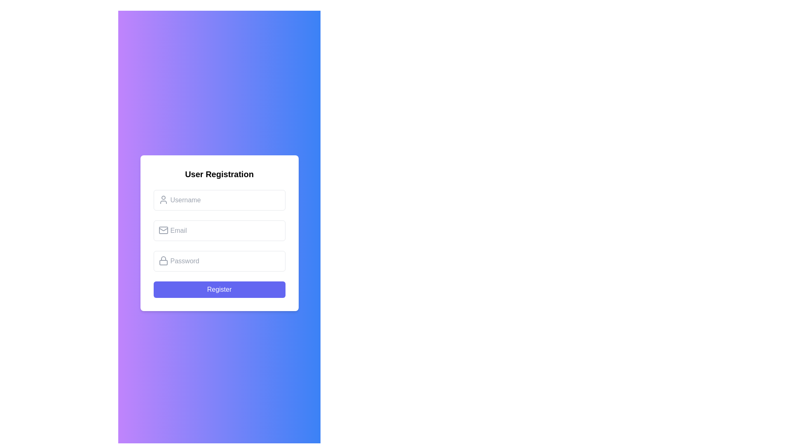 The width and height of the screenshot is (791, 445). What do you see at coordinates (163, 230) in the screenshot?
I see `the envelope icon located to the left of the 'Email' input field, which is styled with a thin outline and gray color` at bounding box center [163, 230].